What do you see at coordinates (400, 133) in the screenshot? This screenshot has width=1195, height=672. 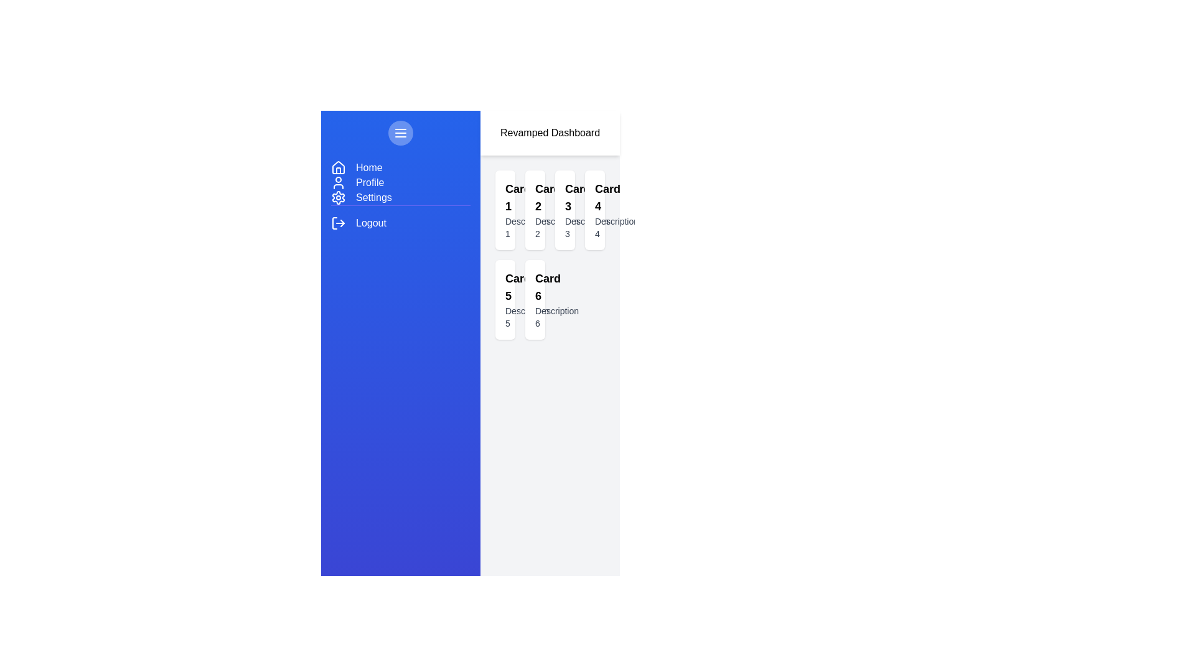 I see `the menu toggle button located in the top center area of the blue navigation bar` at bounding box center [400, 133].